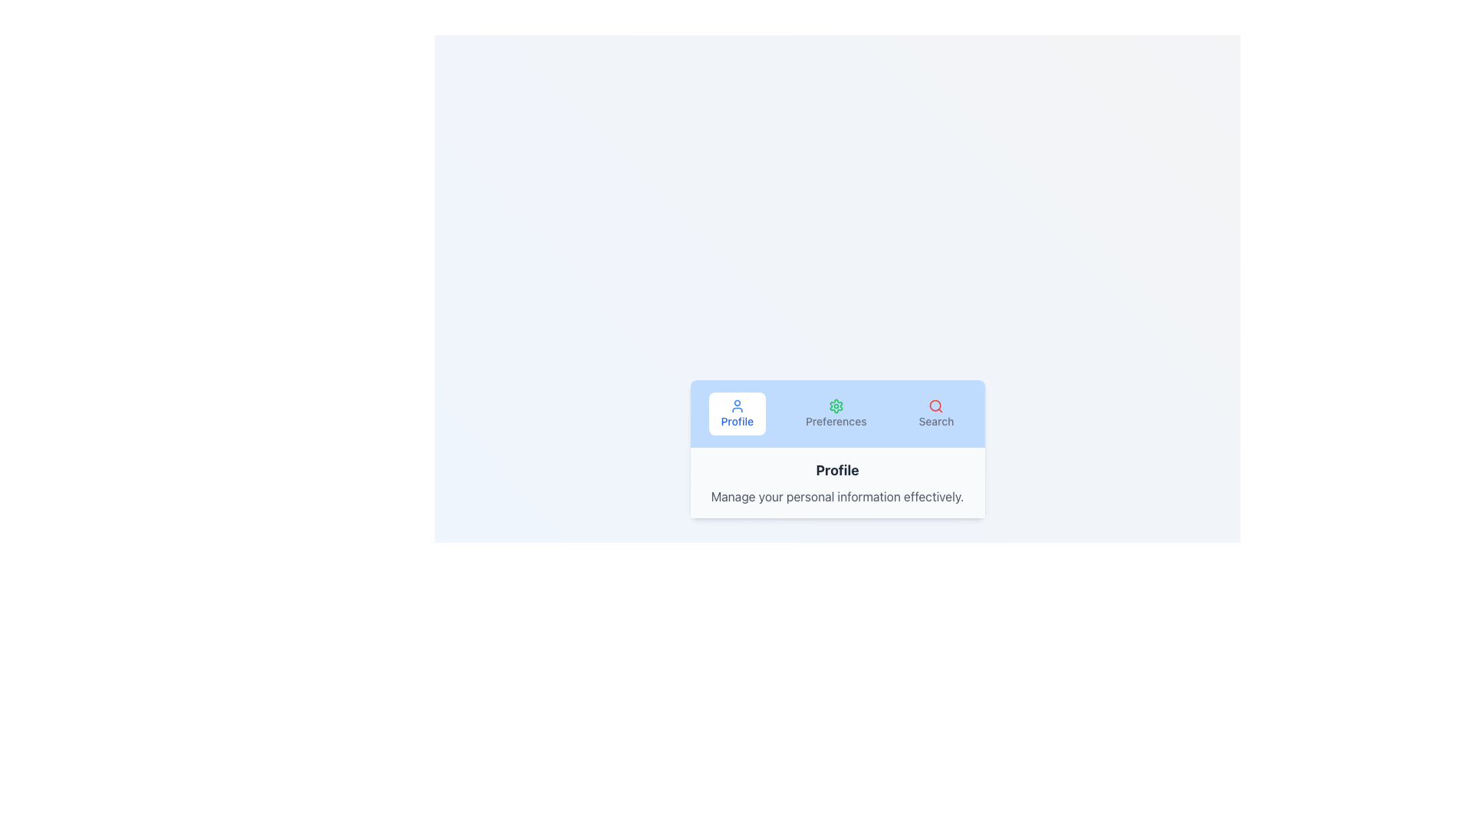  I want to click on the circular component of the 'search' icon located in the top-right corner of the card interface, so click(935, 405).